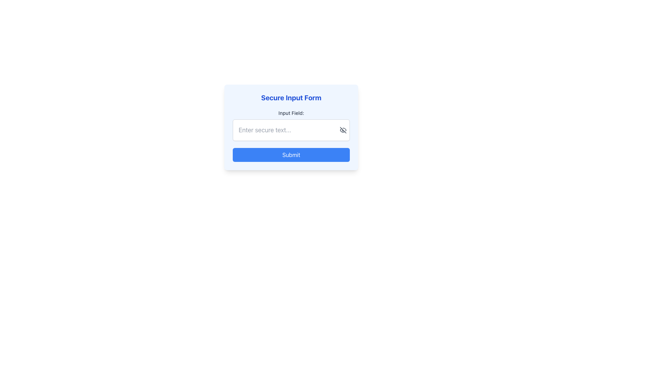 The image size is (669, 376). I want to click on the password visibility toggle button located in the top-right corner next to the password input field, so click(343, 130).